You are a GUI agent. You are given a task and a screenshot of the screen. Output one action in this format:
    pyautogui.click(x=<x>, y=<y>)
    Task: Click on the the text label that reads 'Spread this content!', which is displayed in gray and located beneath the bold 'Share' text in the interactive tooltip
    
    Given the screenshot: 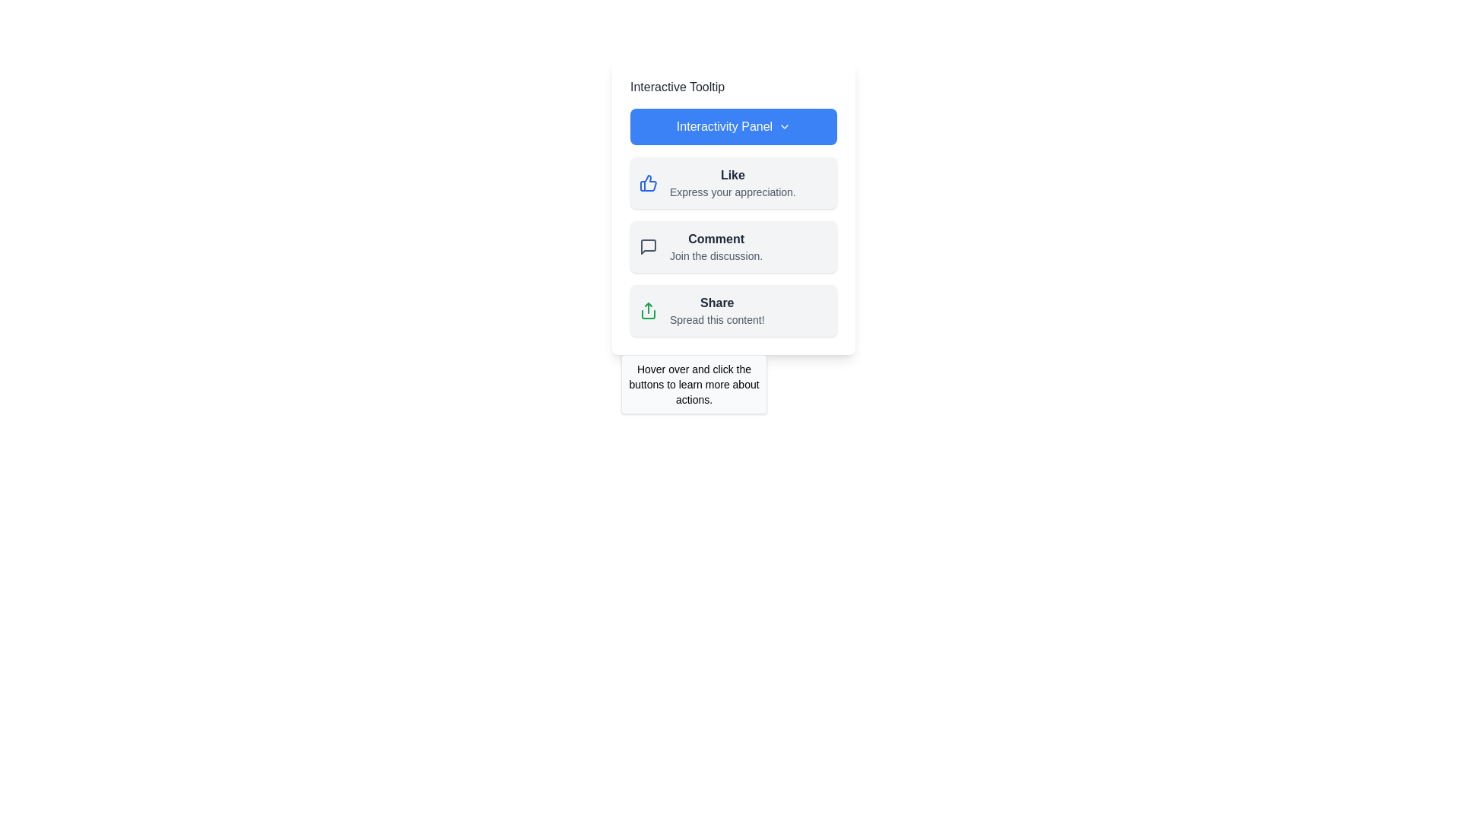 What is the action you would take?
    pyautogui.click(x=716, y=319)
    